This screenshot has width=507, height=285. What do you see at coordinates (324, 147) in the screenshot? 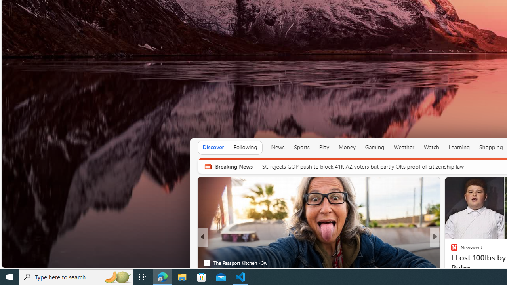
I see `'Play'` at bounding box center [324, 147].